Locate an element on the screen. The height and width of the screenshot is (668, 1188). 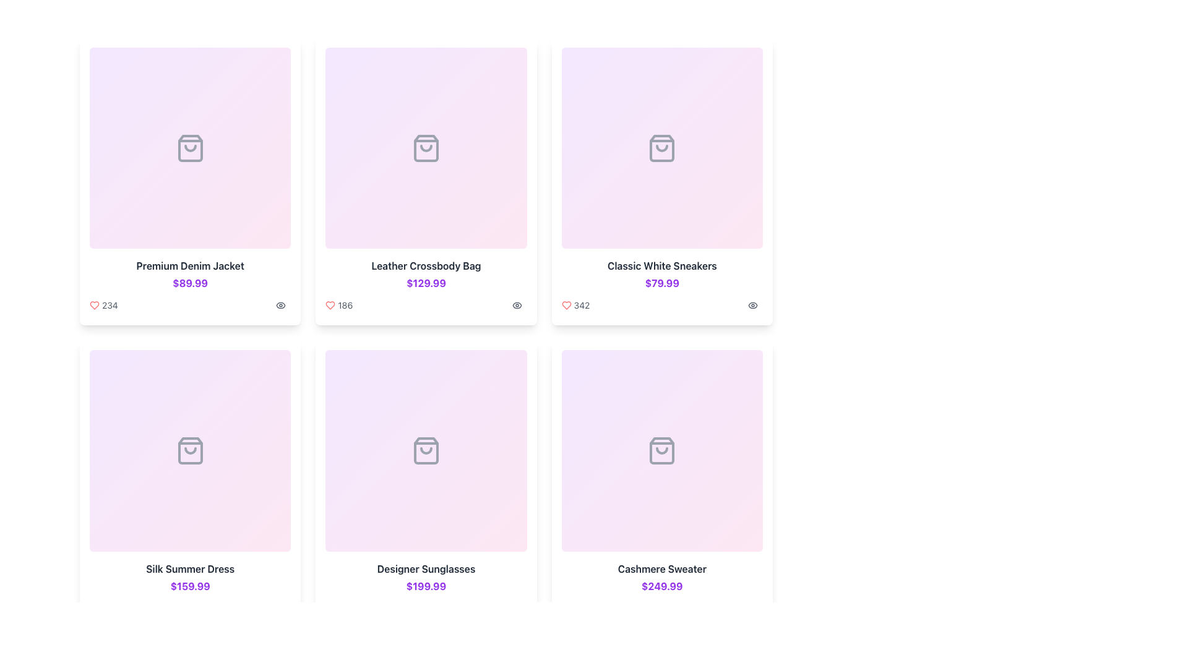
the text label reading 'Premium Denim Jacket' which is styled in bold and dark gray, located within the first product card, below the image and above the price label is located at coordinates (189, 265).